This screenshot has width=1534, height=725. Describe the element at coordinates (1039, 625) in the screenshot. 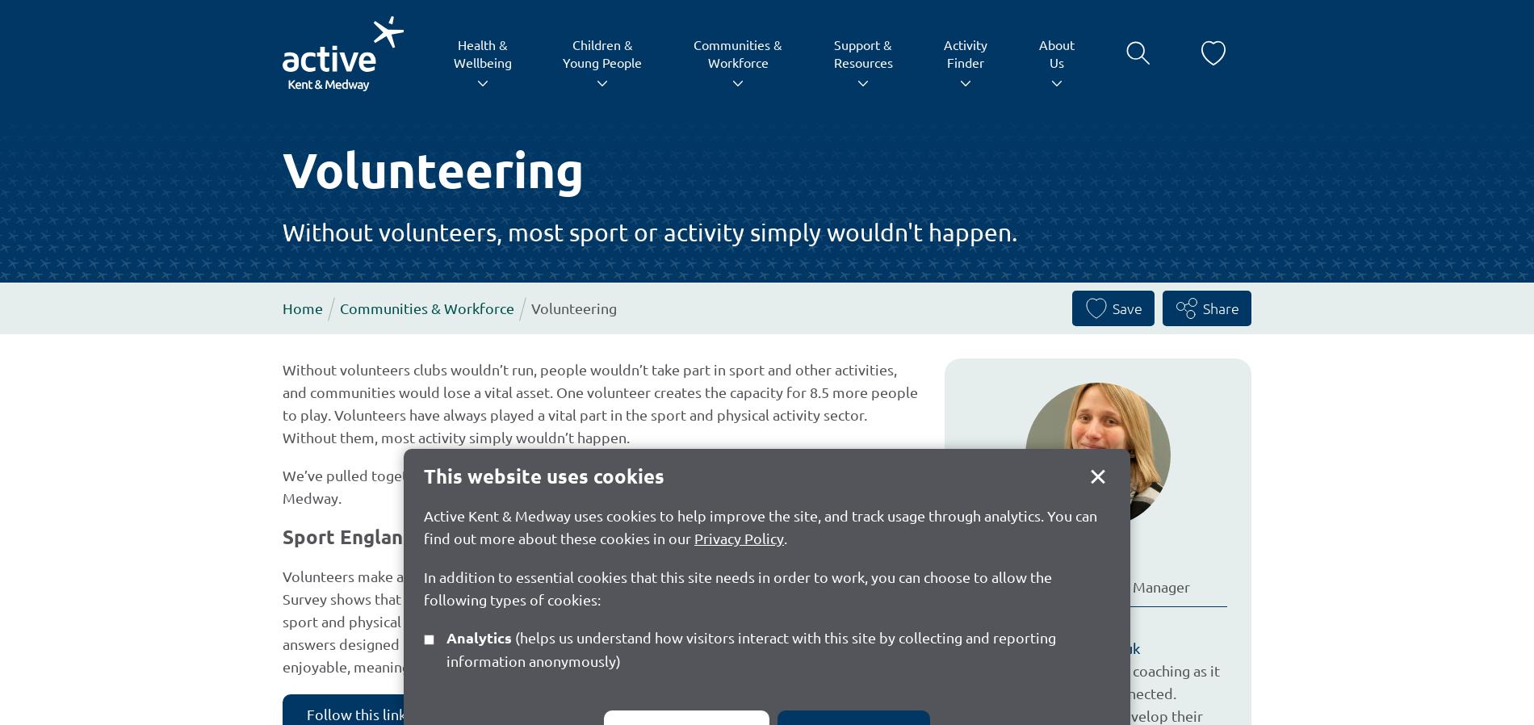

I see `'07540 690477'` at that location.